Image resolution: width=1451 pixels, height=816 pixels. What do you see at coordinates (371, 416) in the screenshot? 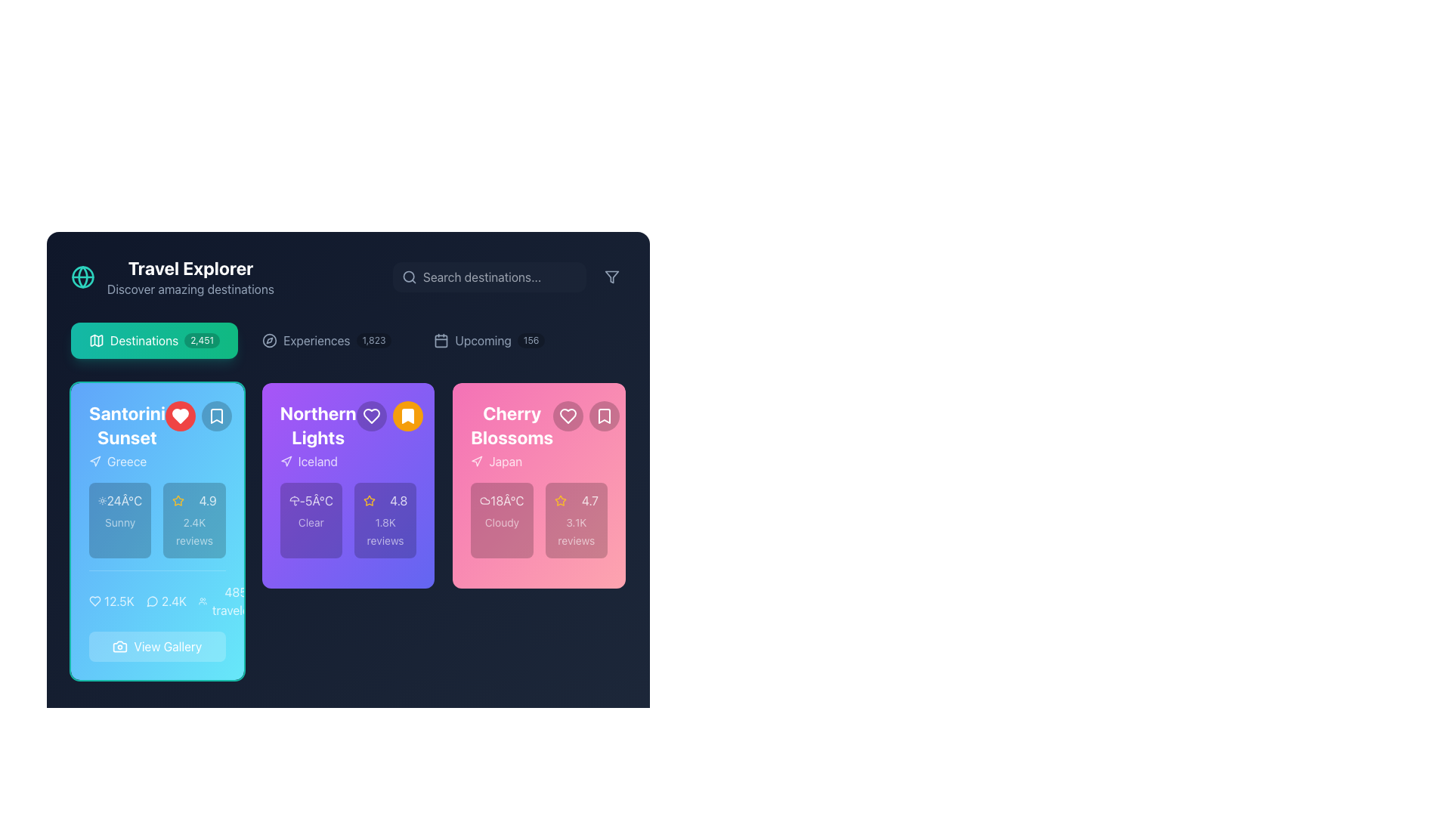
I see `the heart icon located in the upper-right area of the card associated with the 'Northern Lights' travel destination to mark it as a favorite` at bounding box center [371, 416].